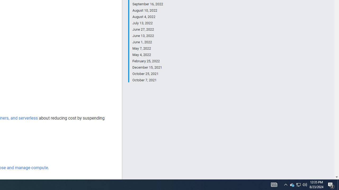  Describe the element at coordinates (148, 4) in the screenshot. I see `'September 16, 2022'` at that location.